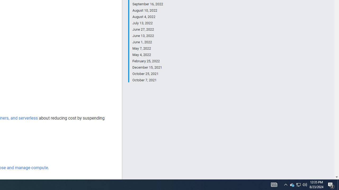  Describe the element at coordinates (148, 4) in the screenshot. I see `'September 16, 2022'` at that location.